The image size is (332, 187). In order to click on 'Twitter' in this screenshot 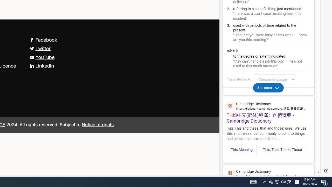, I will do `click(40, 48)`.